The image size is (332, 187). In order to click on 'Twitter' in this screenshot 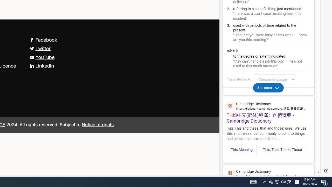, I will do `click(40, 48)`.